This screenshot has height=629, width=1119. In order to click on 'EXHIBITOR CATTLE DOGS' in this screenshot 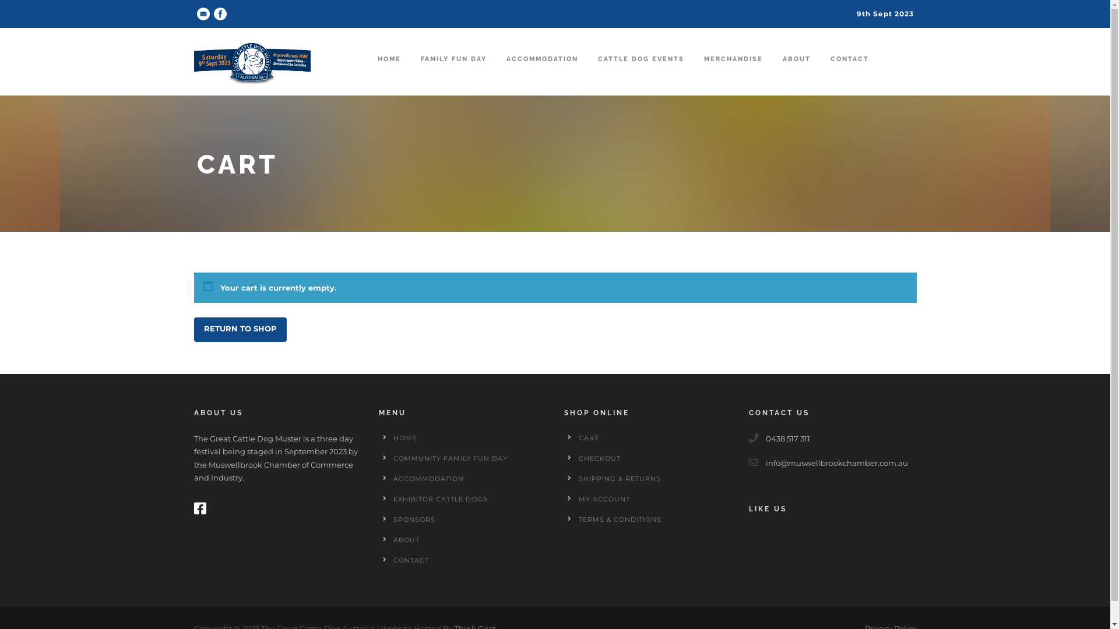, I will do `click(439, 498)`.